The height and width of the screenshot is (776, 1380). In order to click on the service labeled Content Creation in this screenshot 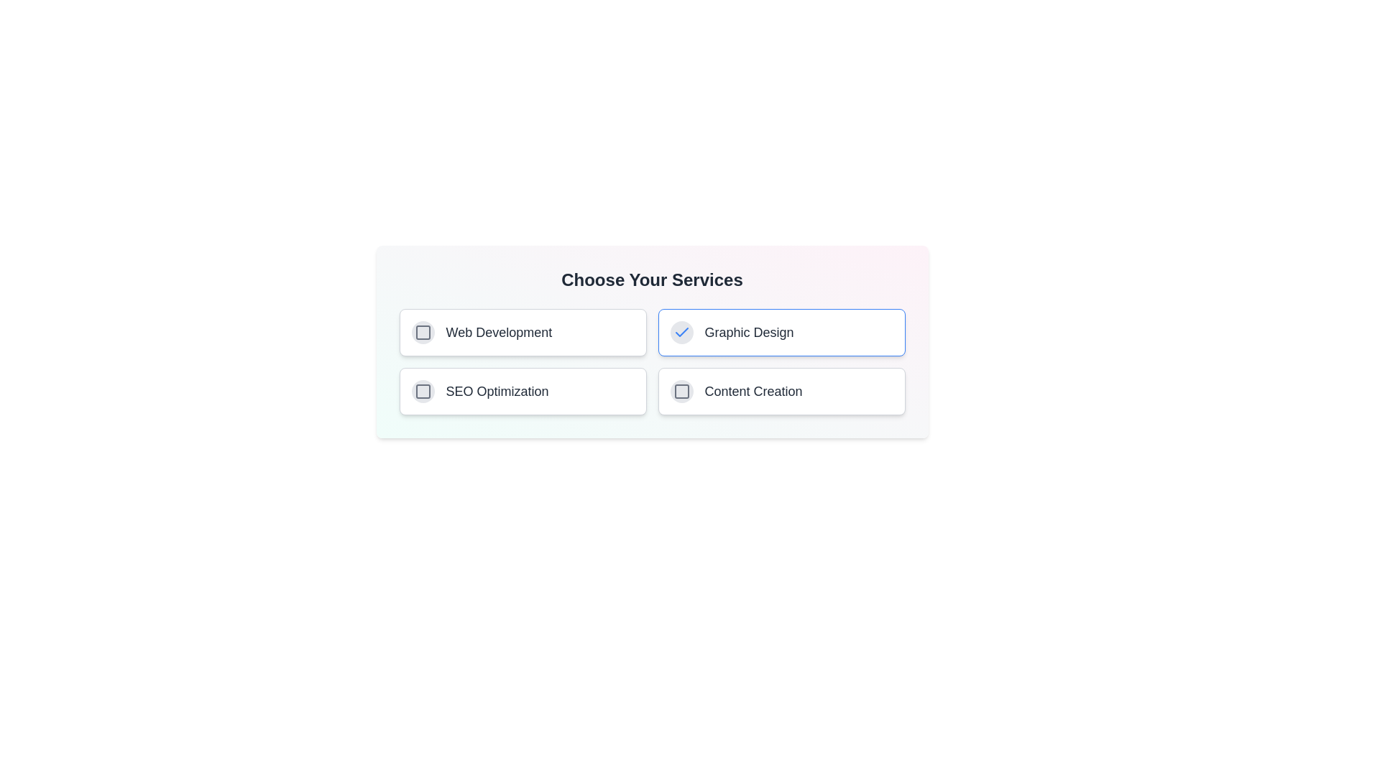, I will do `click(752, 391)`.